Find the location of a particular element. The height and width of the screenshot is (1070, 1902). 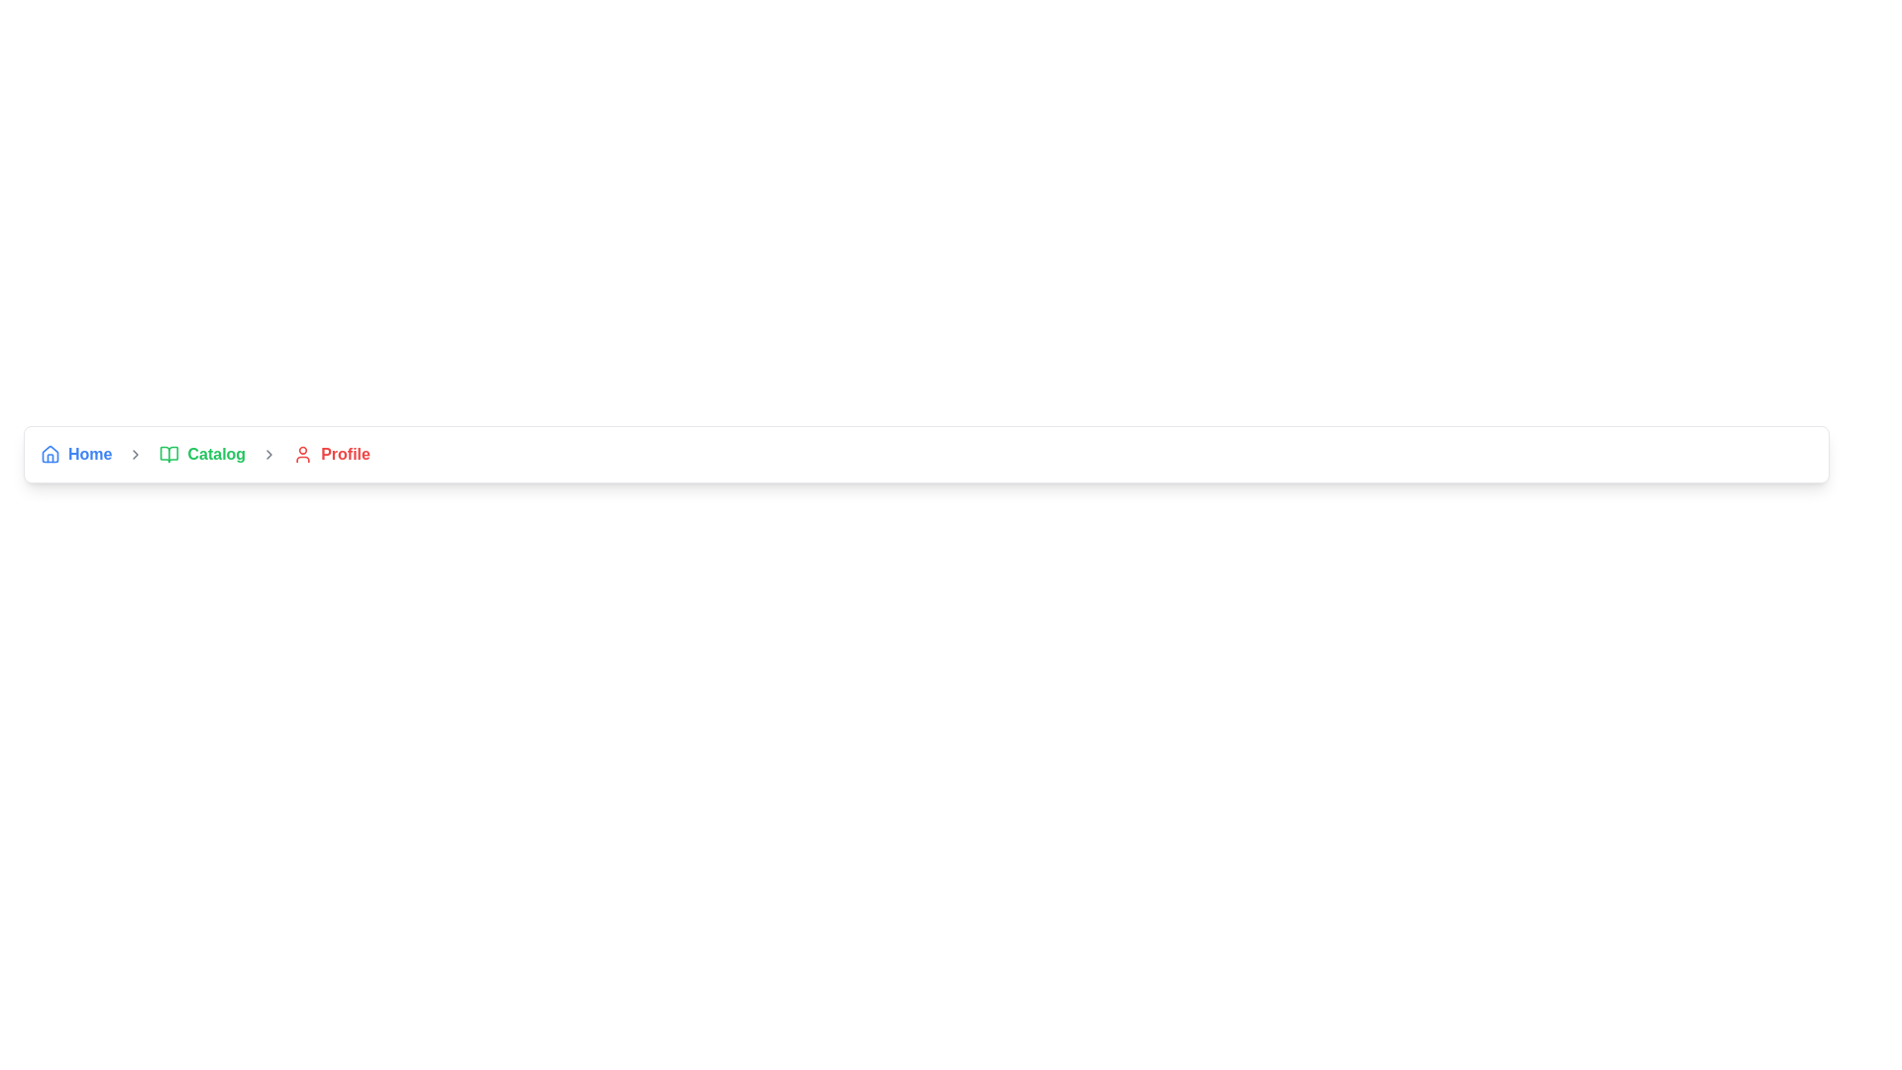

the separation icon between the 'Home' and 'Catalog' sections in the navigation row is located at coordinates (135, 455).